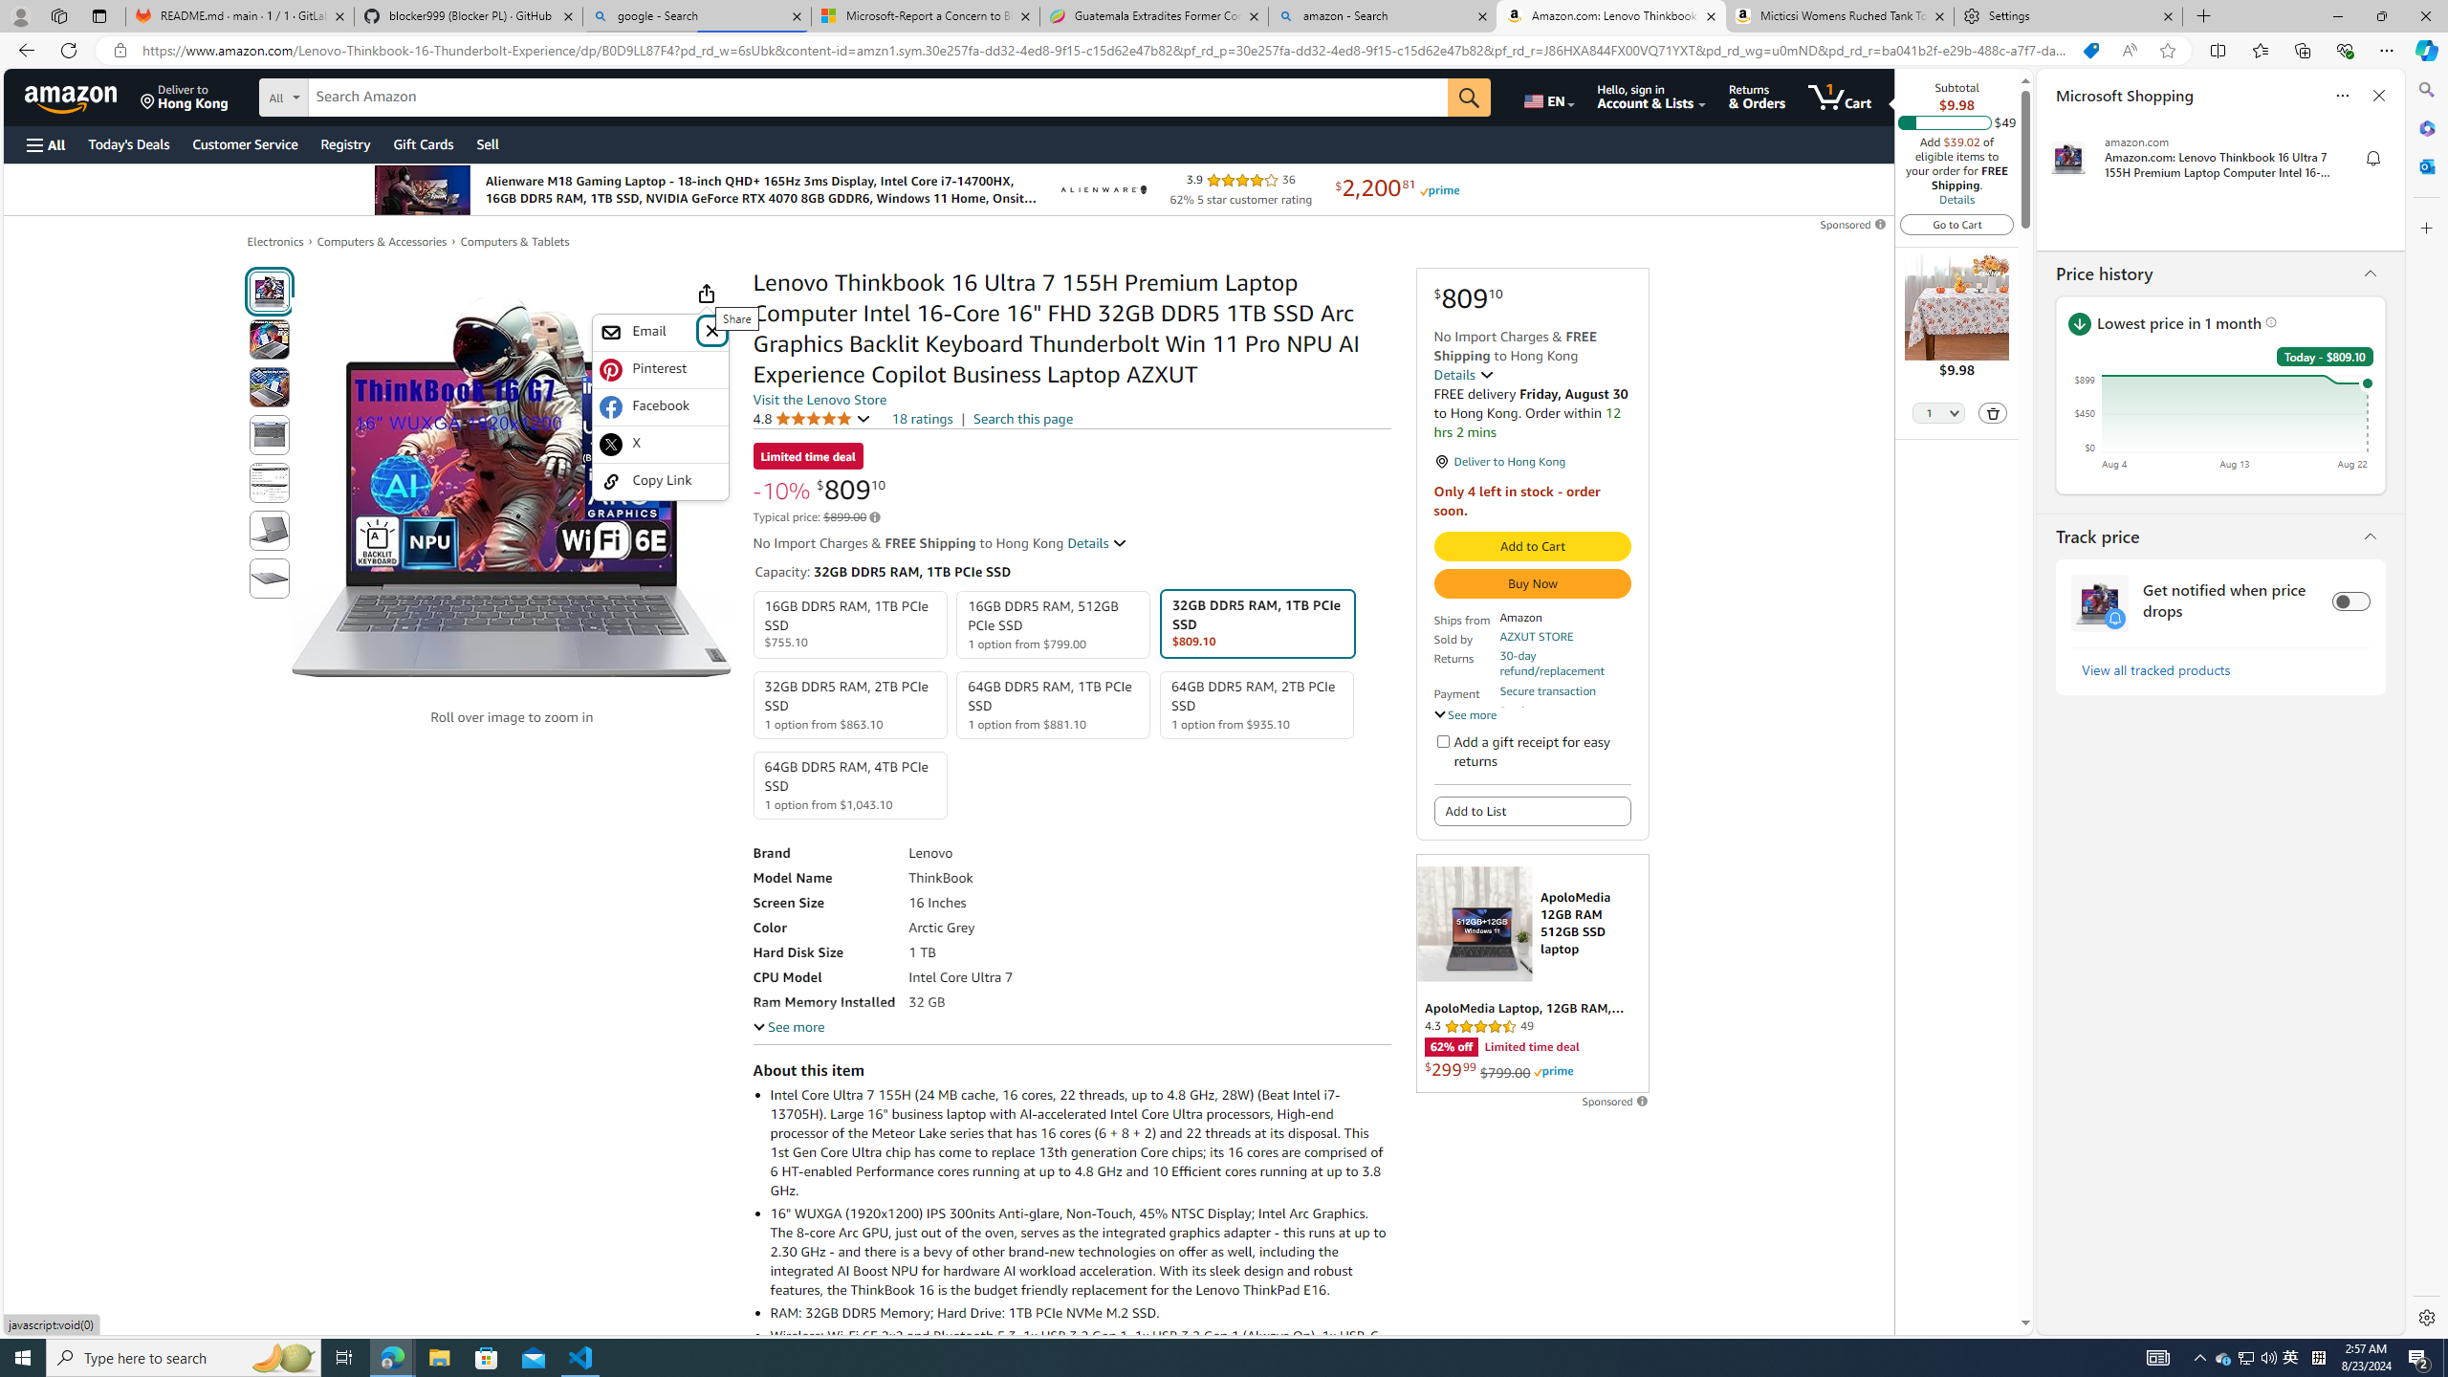 This screenshot has width=2448, height=1377. Describe the element at coordinates (382, 241) in the screenshot. I see `'Computers & Accessories'` at that location.